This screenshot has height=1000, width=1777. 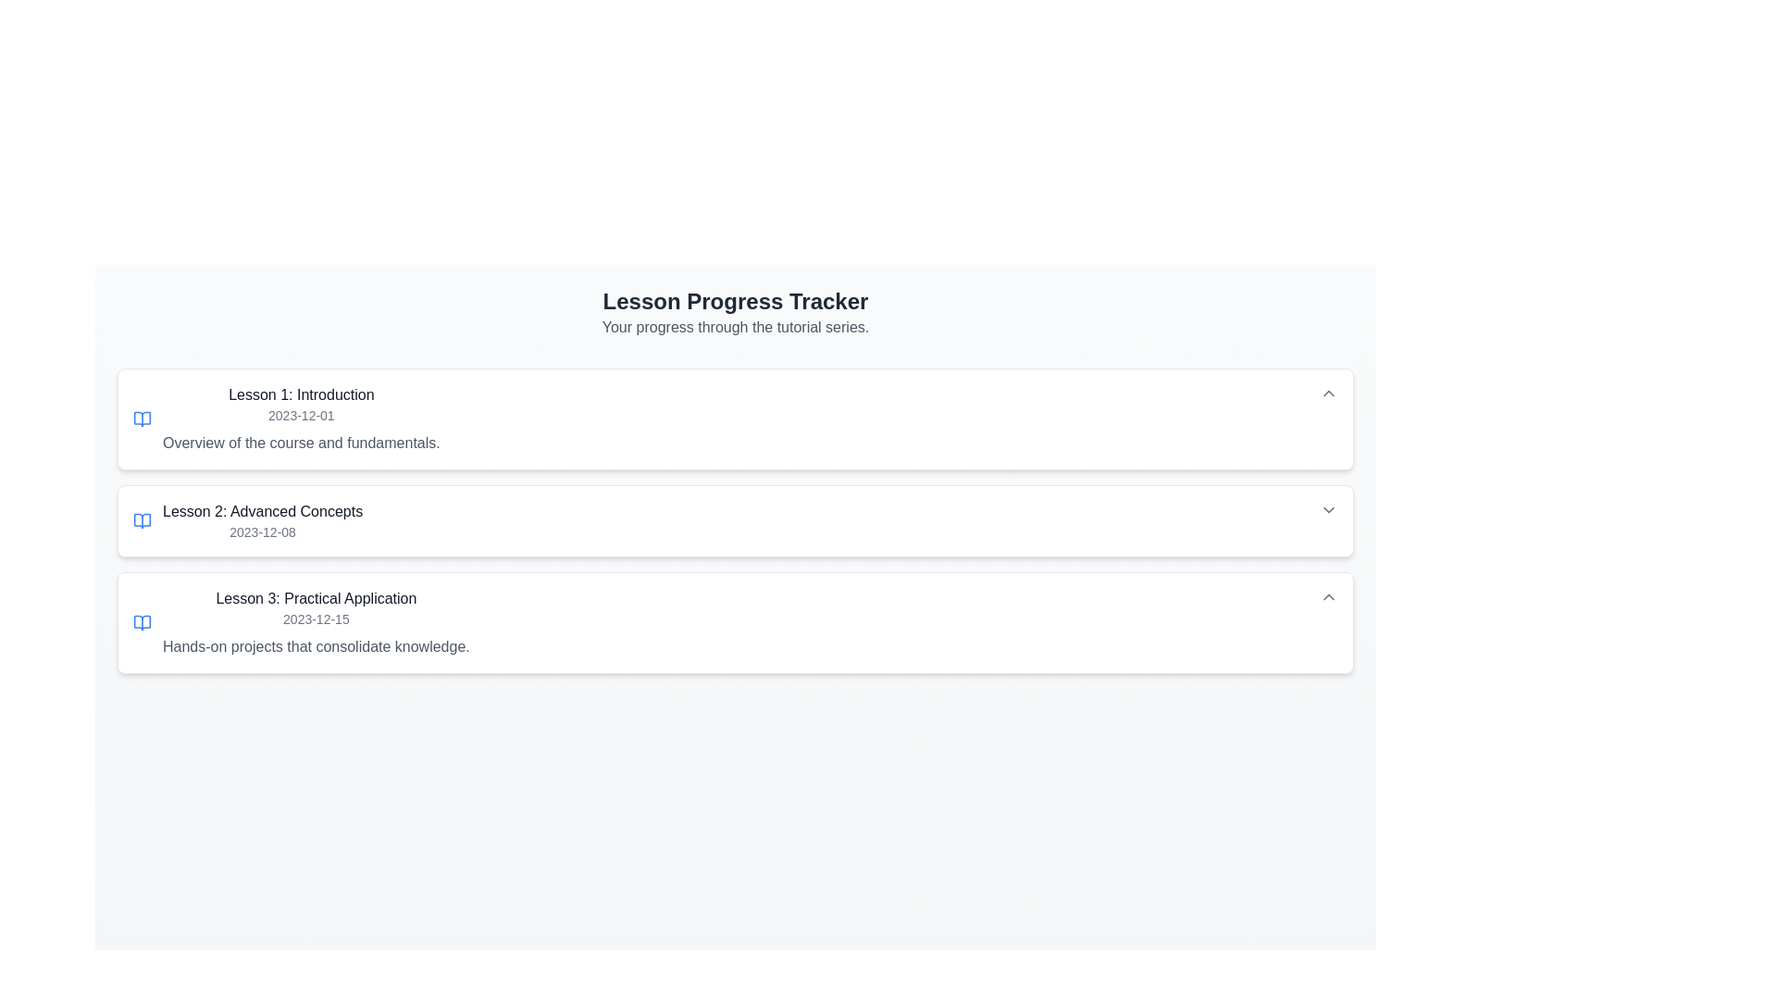 I want to click on the composite text element containing the title 'Lesson Progress Tracker' and subtitle 'Your progress through the tutorial series.' positioned at the top of the content area, so click(x=735, y=327).